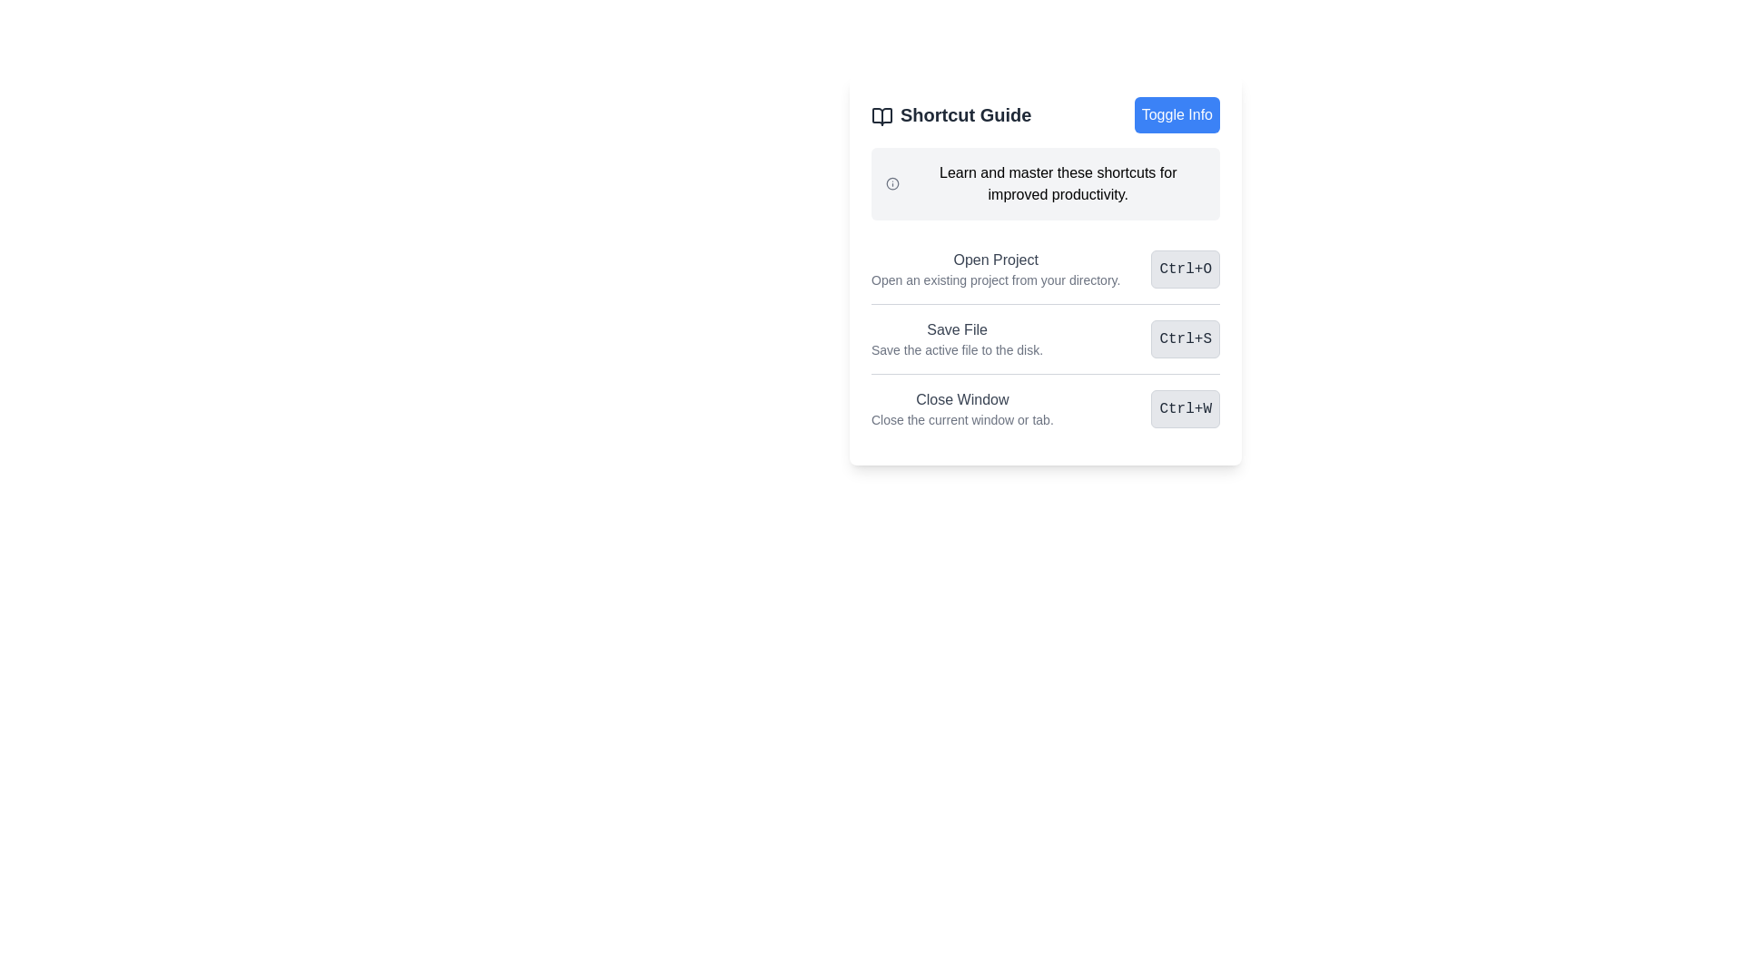 The height and width of the screenshot is (980, 1743). What do you see at coordinates (881, 115) in the screenshot?
I see `the decorative icon representing the 'Shortcut Guide' in the upper-left area of the popup interface` at bounding box center [881, 115].